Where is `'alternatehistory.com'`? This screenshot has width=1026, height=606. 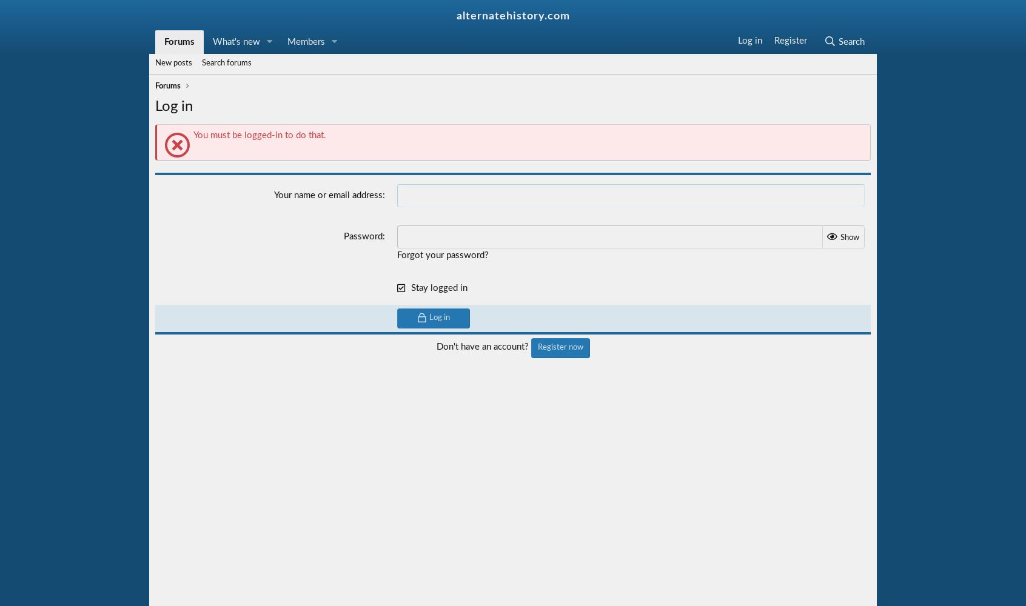
'alternatehistory.com' is located at coordinates (512, 16).